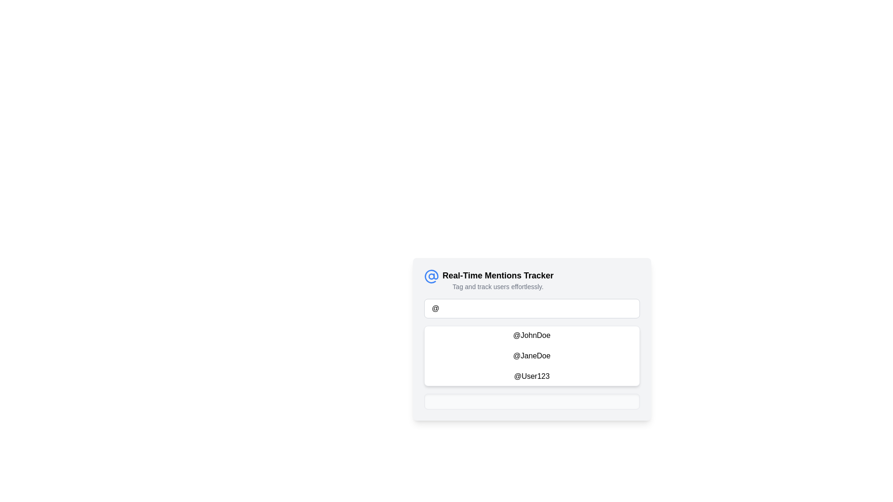 This screenshot has width=893, height=502. What do you see at coordinates (431, 276) in the screenshot?
I see `the '@' icon, which is a graphical representation for the 'Real-Time Mentions Tracker' section, located on the left side of the header section` at bounding box center [431, 276].